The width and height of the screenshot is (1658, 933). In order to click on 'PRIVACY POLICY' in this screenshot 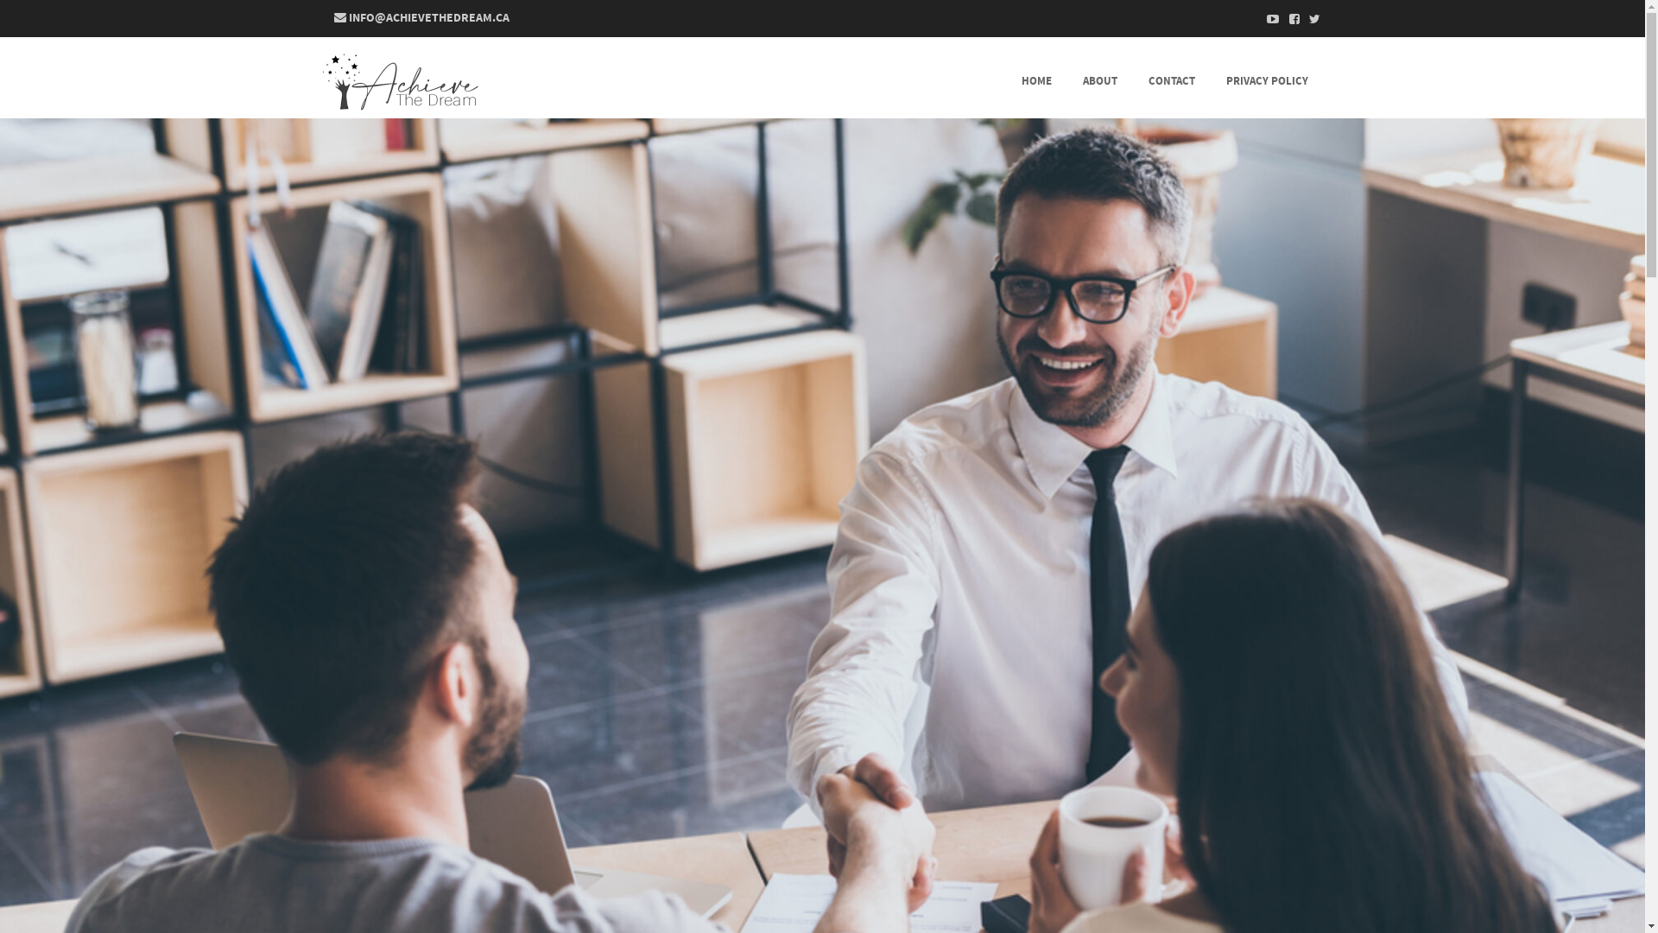, I will do `click(1267, 76)`.